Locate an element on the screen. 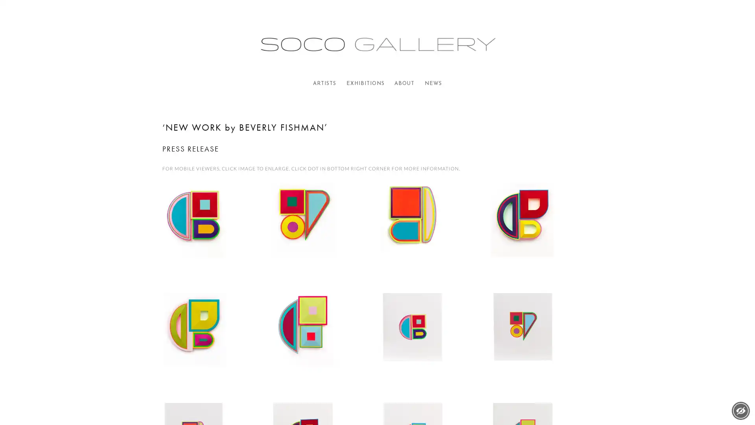 Image resolution: width=755 pixels, height=425 pixels. View fullsize BEVERLY FISHMAN Untitled (Pain, Depression, Depression), 2021 Urethane paint on wood 45 x 37.5 inches INQUIRE + is located at coordinates (322, 343).